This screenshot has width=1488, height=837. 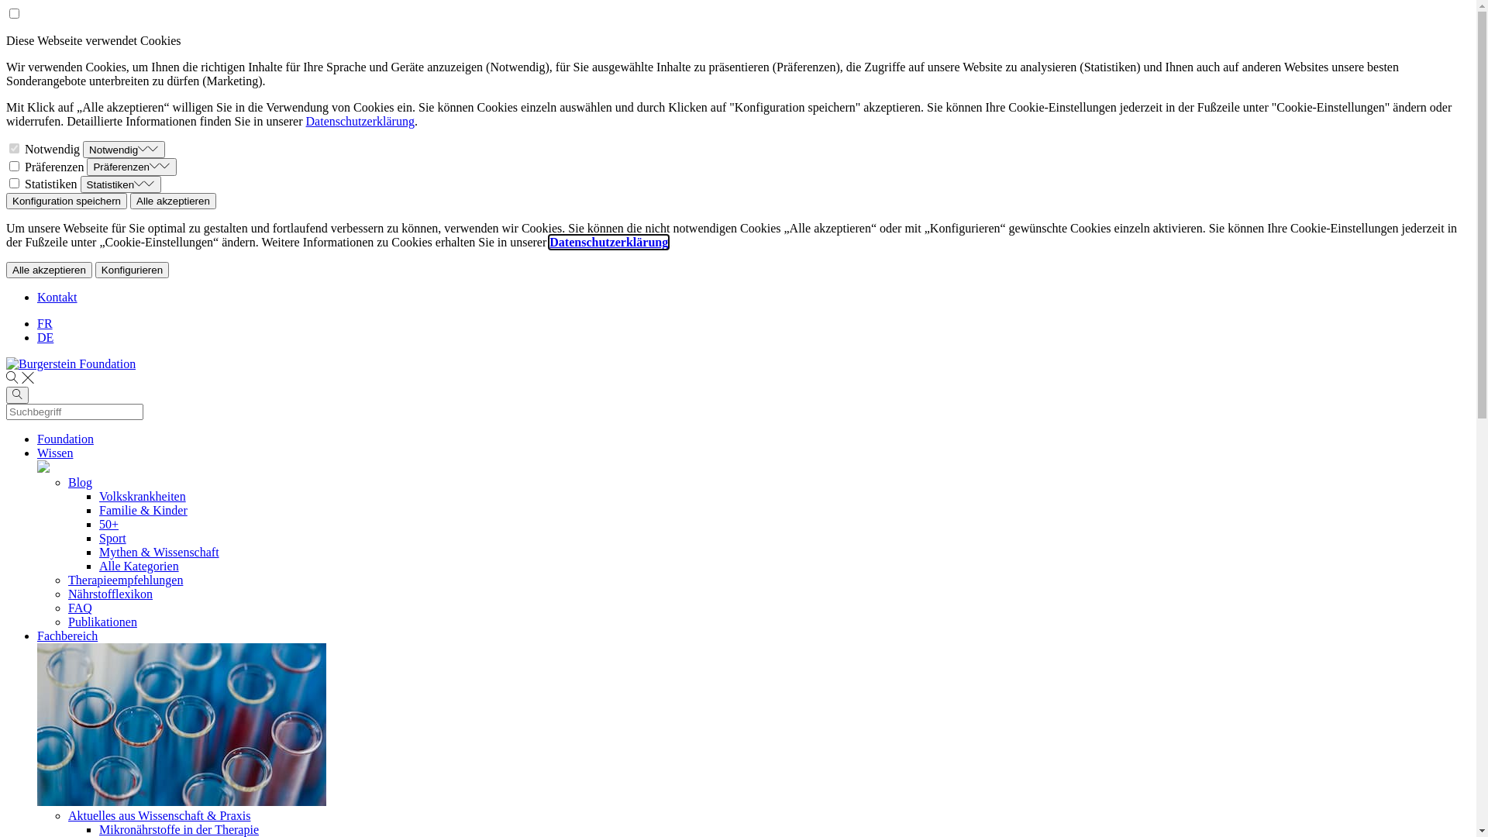 What do you see at coordinates (79, 607) in the screenshot?
I see `'FAQ'` at bounding box center [79, 607].